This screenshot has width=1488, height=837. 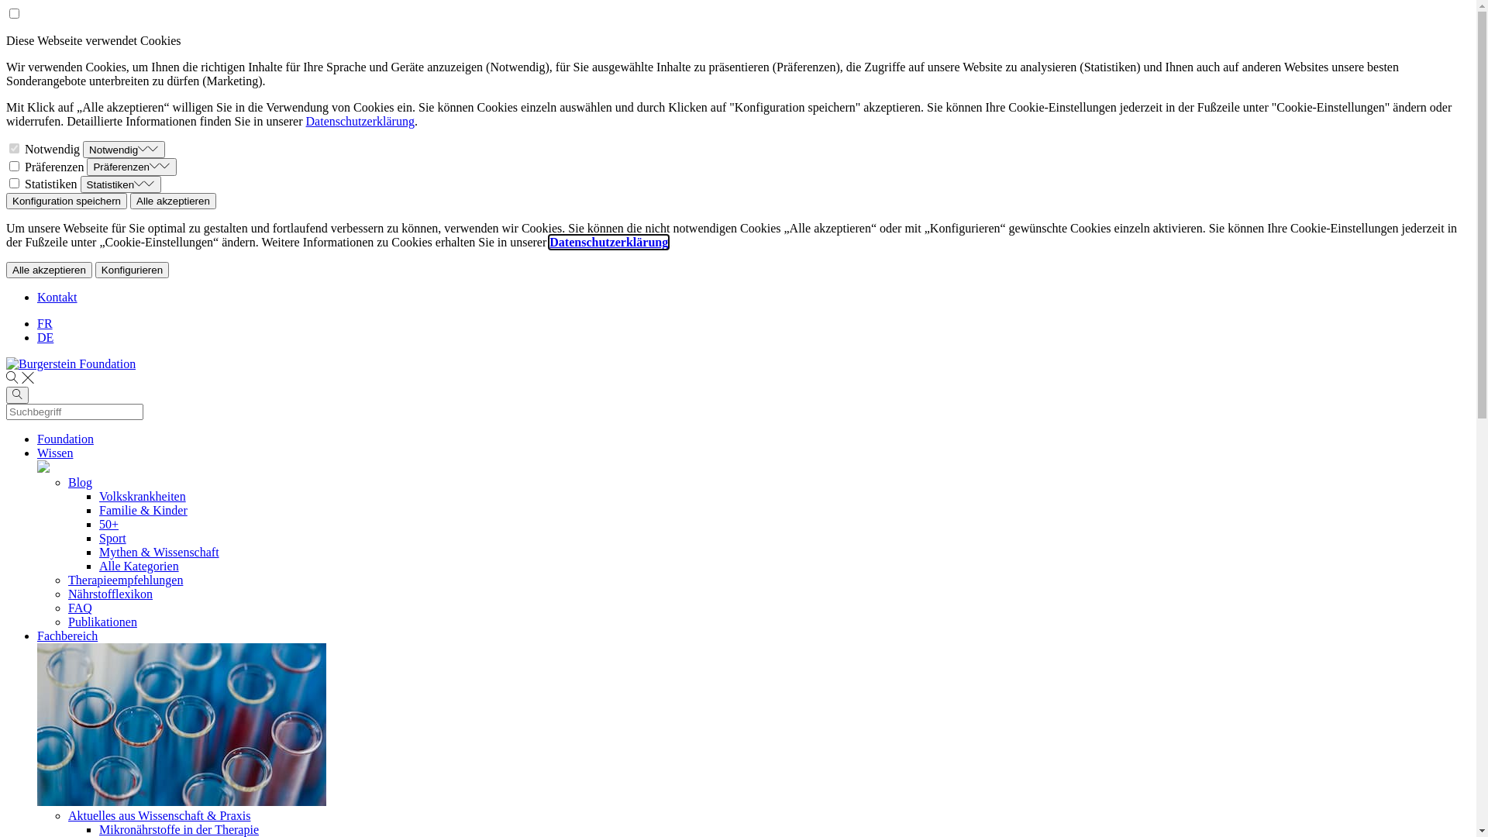 What do you see at coordinates (79, 607) in the screenshot?
I see `'FAQ'` at bounding box center [79, 607].